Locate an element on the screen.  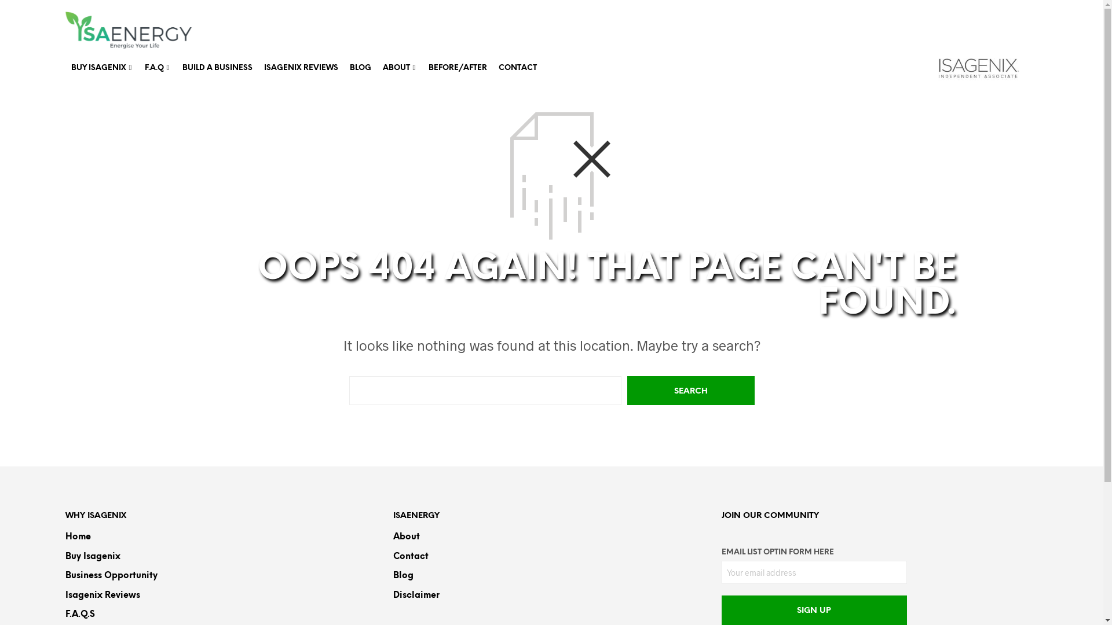
'IsaEnergy Products Online' is located at coordinates (128, 29).